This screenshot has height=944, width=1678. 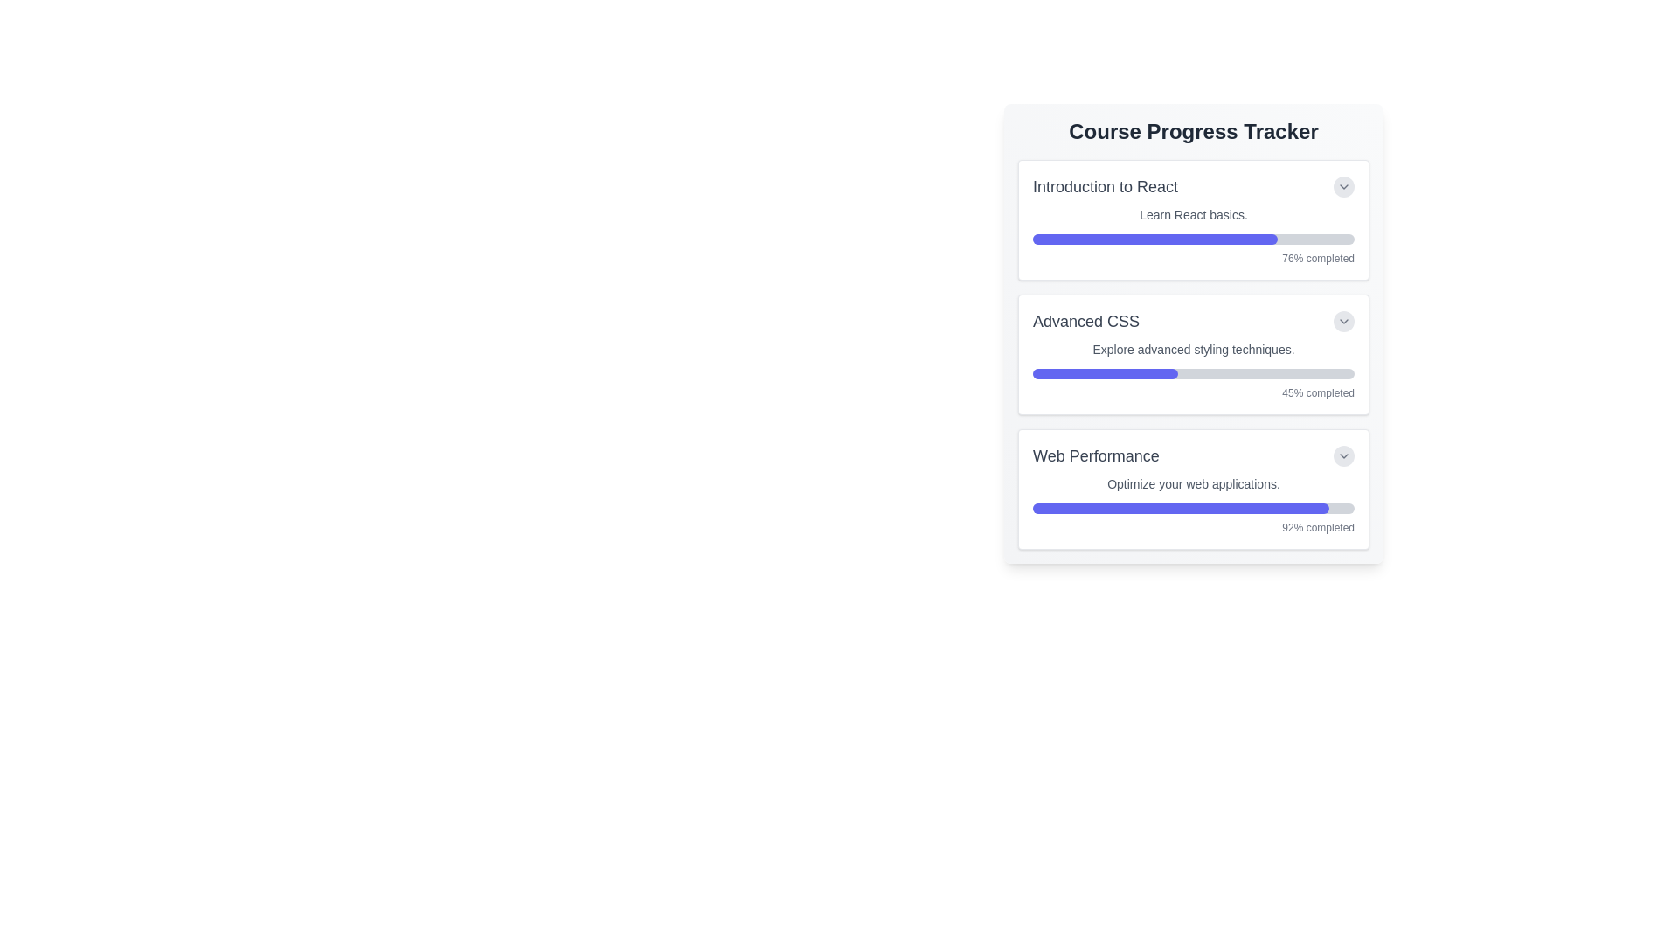 I want to click on the Text Label that identifies the 'Advanced CSS' course, located in the second card of the 'Course Progress Tracker' section, positioned above the progress bar and subtitle text, so click(x=1085, y=321).